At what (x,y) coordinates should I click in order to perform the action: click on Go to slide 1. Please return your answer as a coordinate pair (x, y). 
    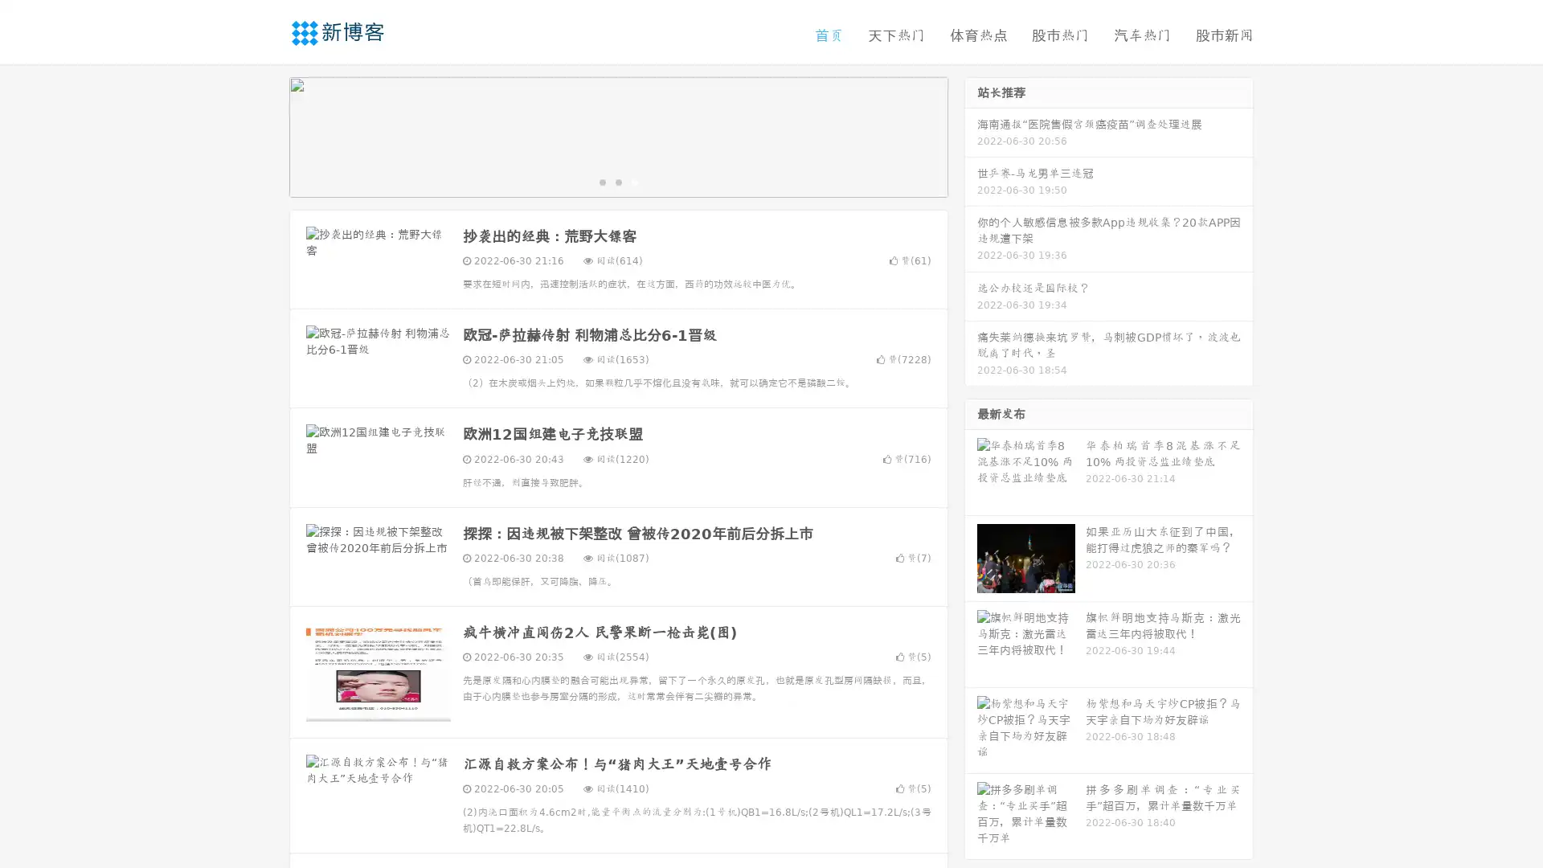
    Looking at the image, I should click on (601, 181).